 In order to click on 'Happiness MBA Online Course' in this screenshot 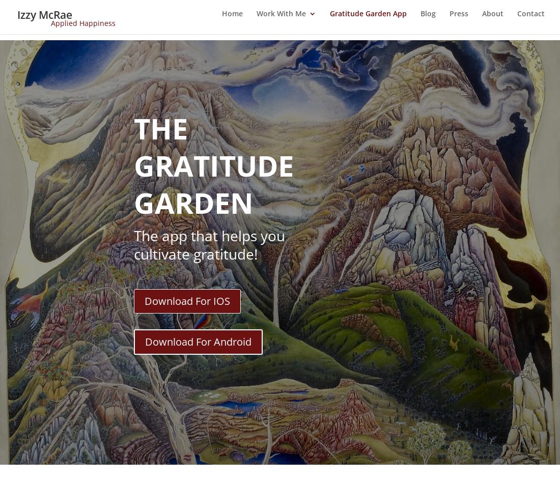, I will do `click(317, 109)`.